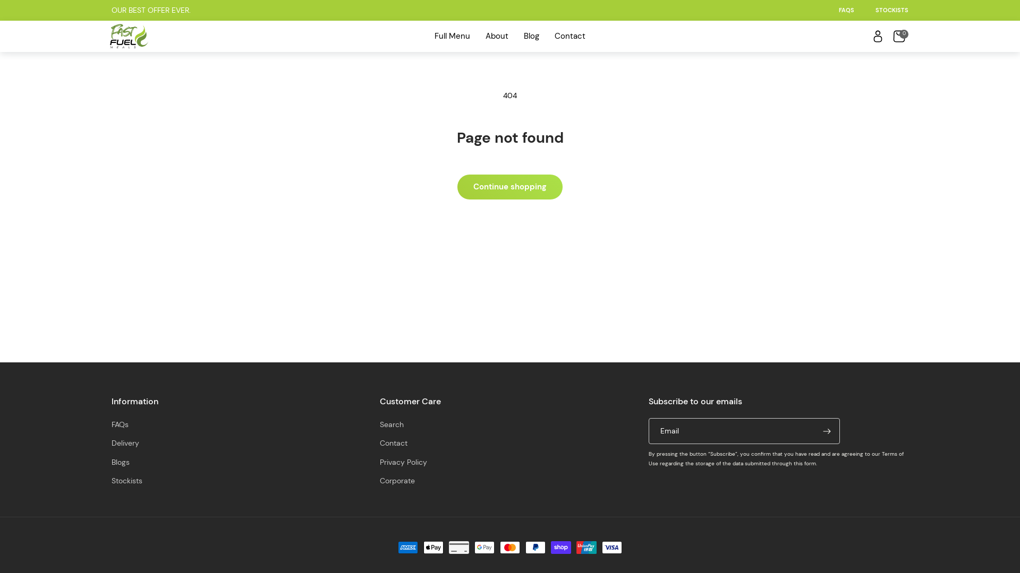  Describe the element at coordinates (482, 36) in the screenshot. I see `'About'` at that location.